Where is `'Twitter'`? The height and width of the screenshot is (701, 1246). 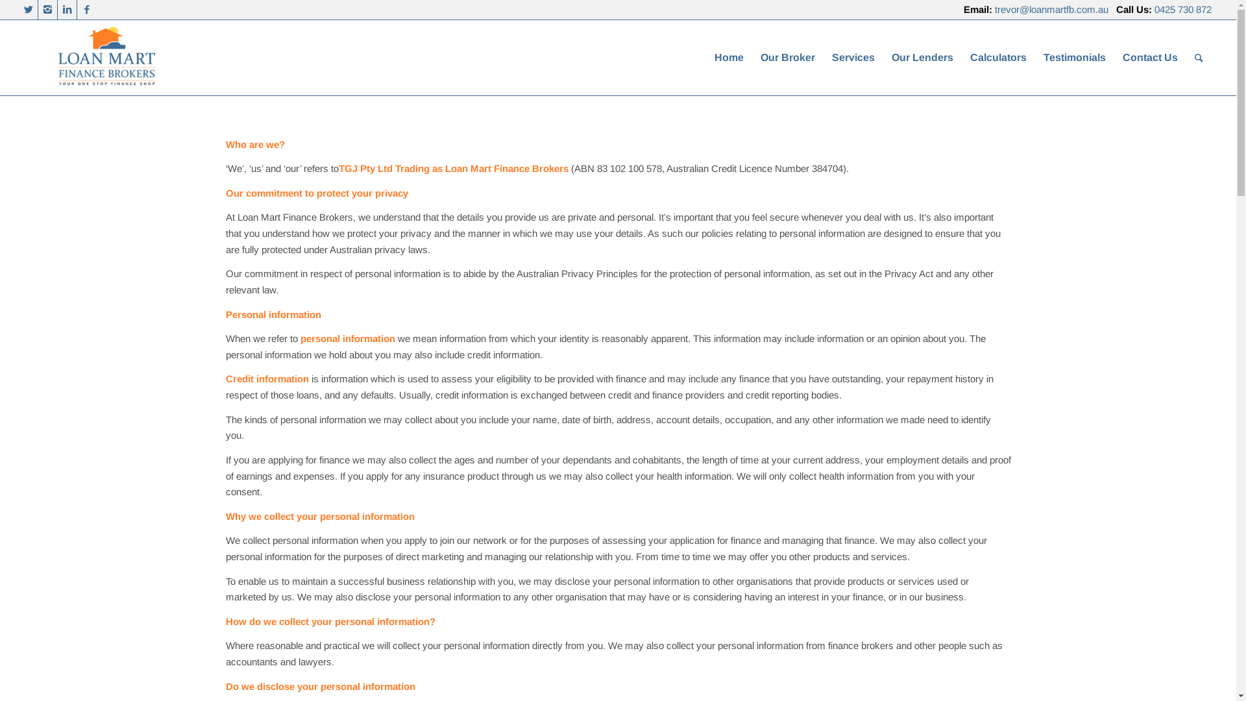 'Twitter' is located at coordinates (28, 10).